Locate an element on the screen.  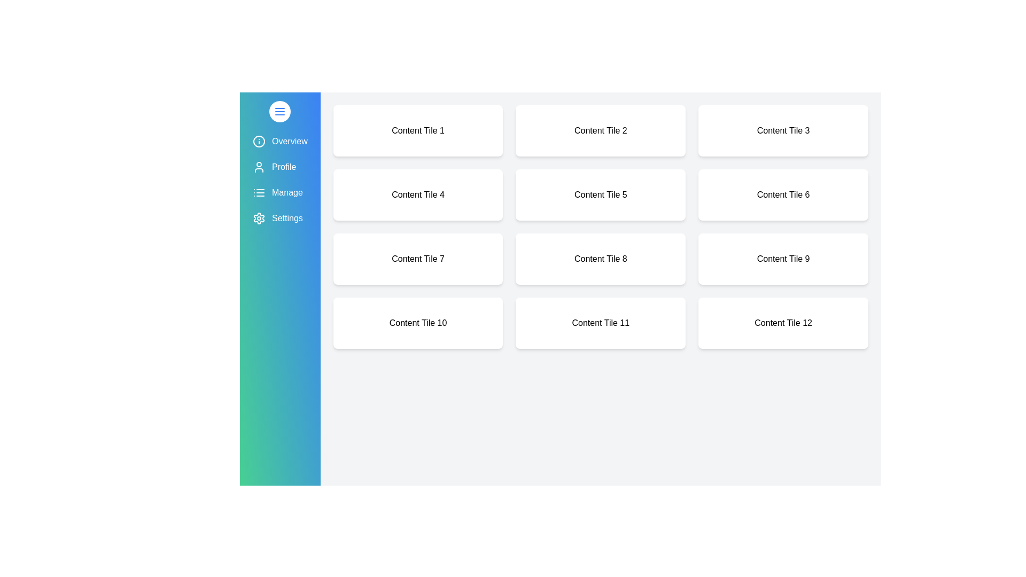
the toggle button to toggle the drawer open or closed is located at coordinates (279, 111).